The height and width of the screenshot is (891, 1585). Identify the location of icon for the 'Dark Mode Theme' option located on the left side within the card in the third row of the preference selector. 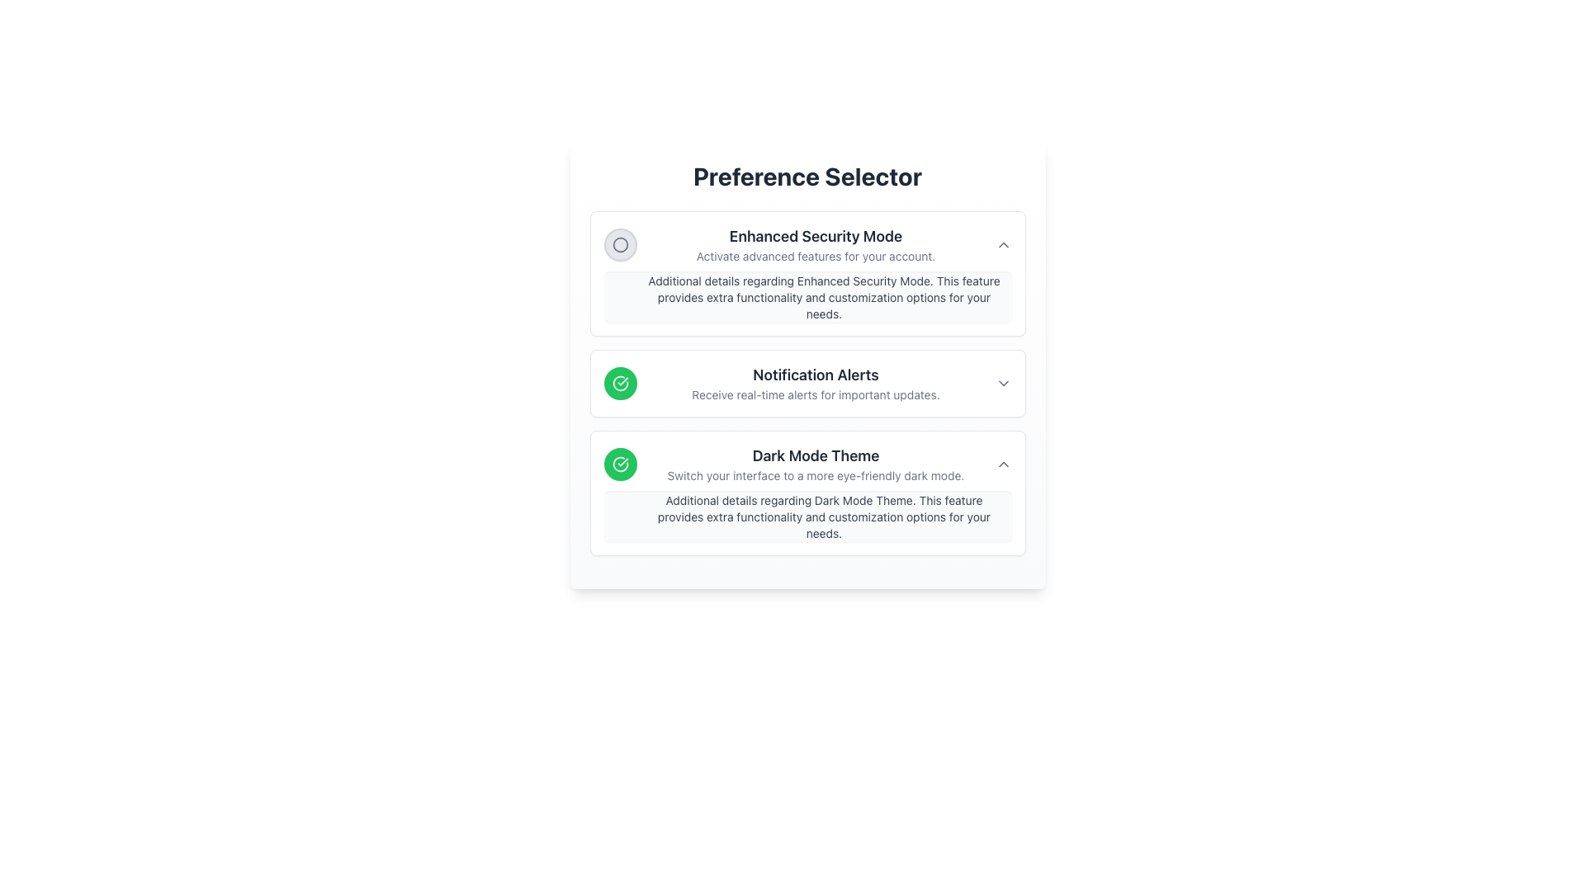
(619, 464).